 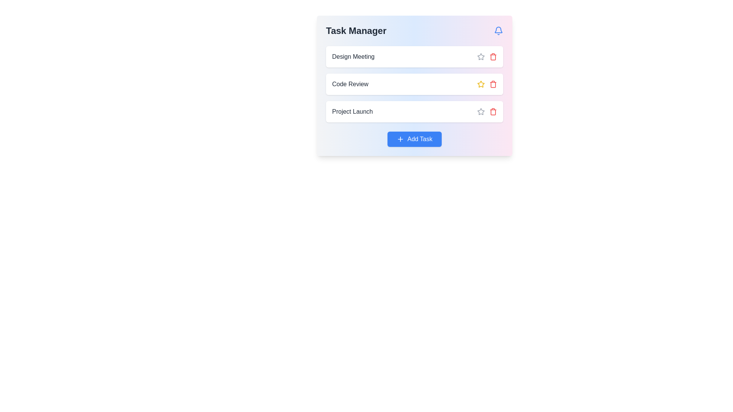 I want to click on the task item labeled 'Code Review' in the Task Manager, which is the second item in a vertical list of three tasks, so click(x=414, y=84).